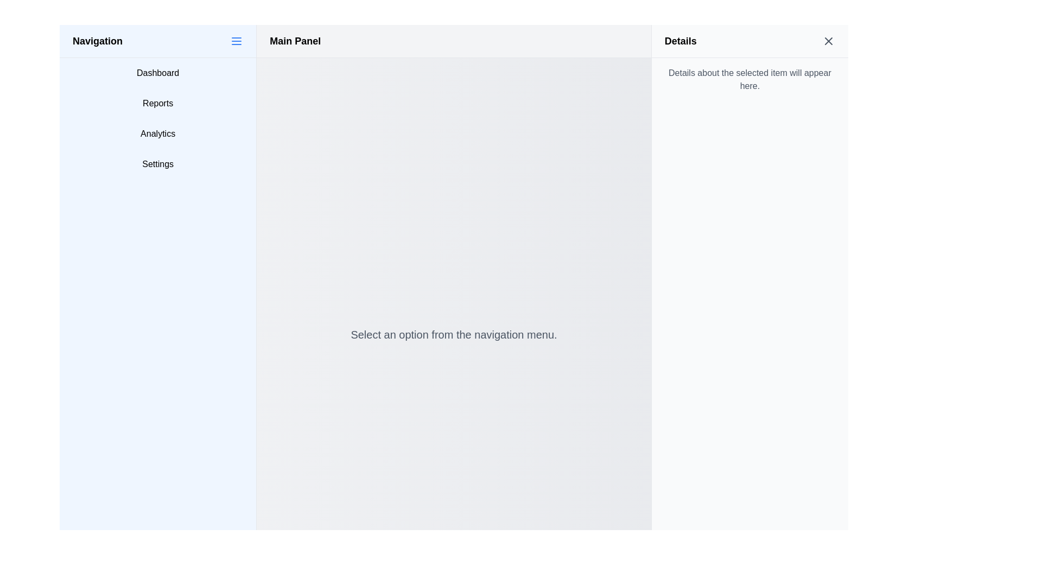 The width and height of the screenshot is (1042, 586). What do you see at coordinates (157, 164) in the screenshot?
I see `the 'Settings' menu option, which is the fourth item in the vertical navigation list, displayed in bold black lettering on a light background` at bounding box center [157, 164].